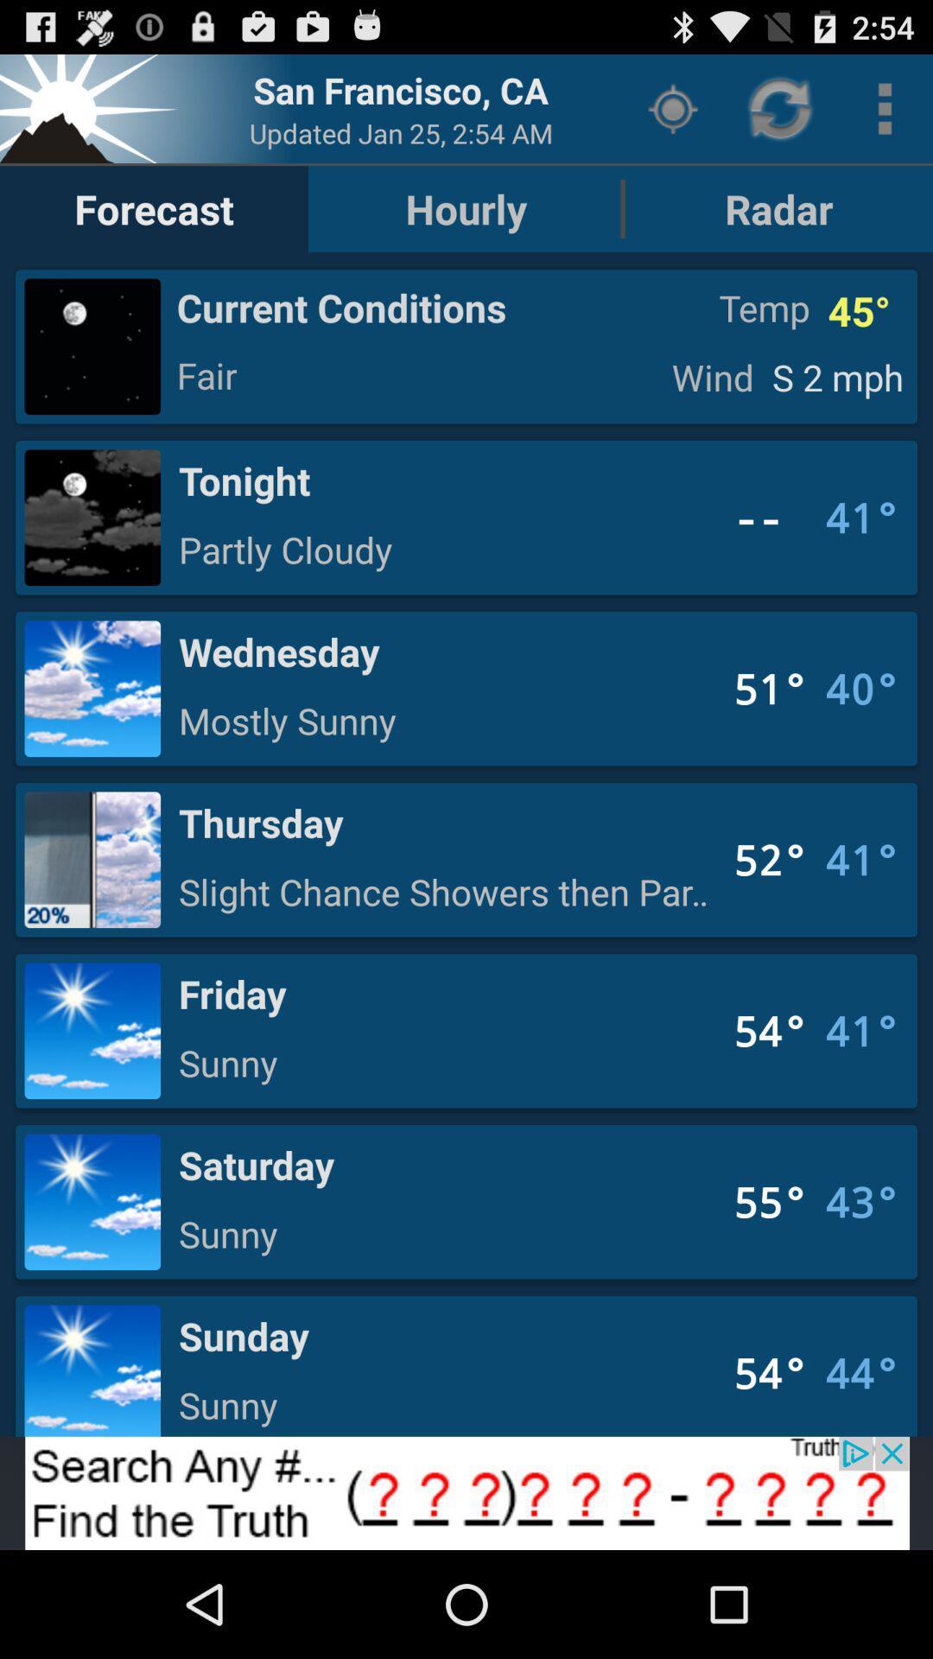 The width and height of the screenshot is (933, 1659). Describe the element at coordinates (466, 1492) in the screenshot. I see `banner advertisement` at that location.